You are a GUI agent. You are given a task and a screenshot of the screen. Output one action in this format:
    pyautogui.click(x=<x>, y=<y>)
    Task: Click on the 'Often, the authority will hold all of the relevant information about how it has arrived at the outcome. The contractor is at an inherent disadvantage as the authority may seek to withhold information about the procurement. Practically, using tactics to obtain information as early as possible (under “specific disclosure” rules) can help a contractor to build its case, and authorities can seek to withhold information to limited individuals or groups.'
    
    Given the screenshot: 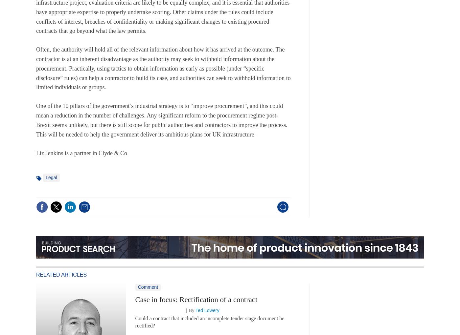 What is the action you would take?
    pyautogui.click(x=163, y=68)
    